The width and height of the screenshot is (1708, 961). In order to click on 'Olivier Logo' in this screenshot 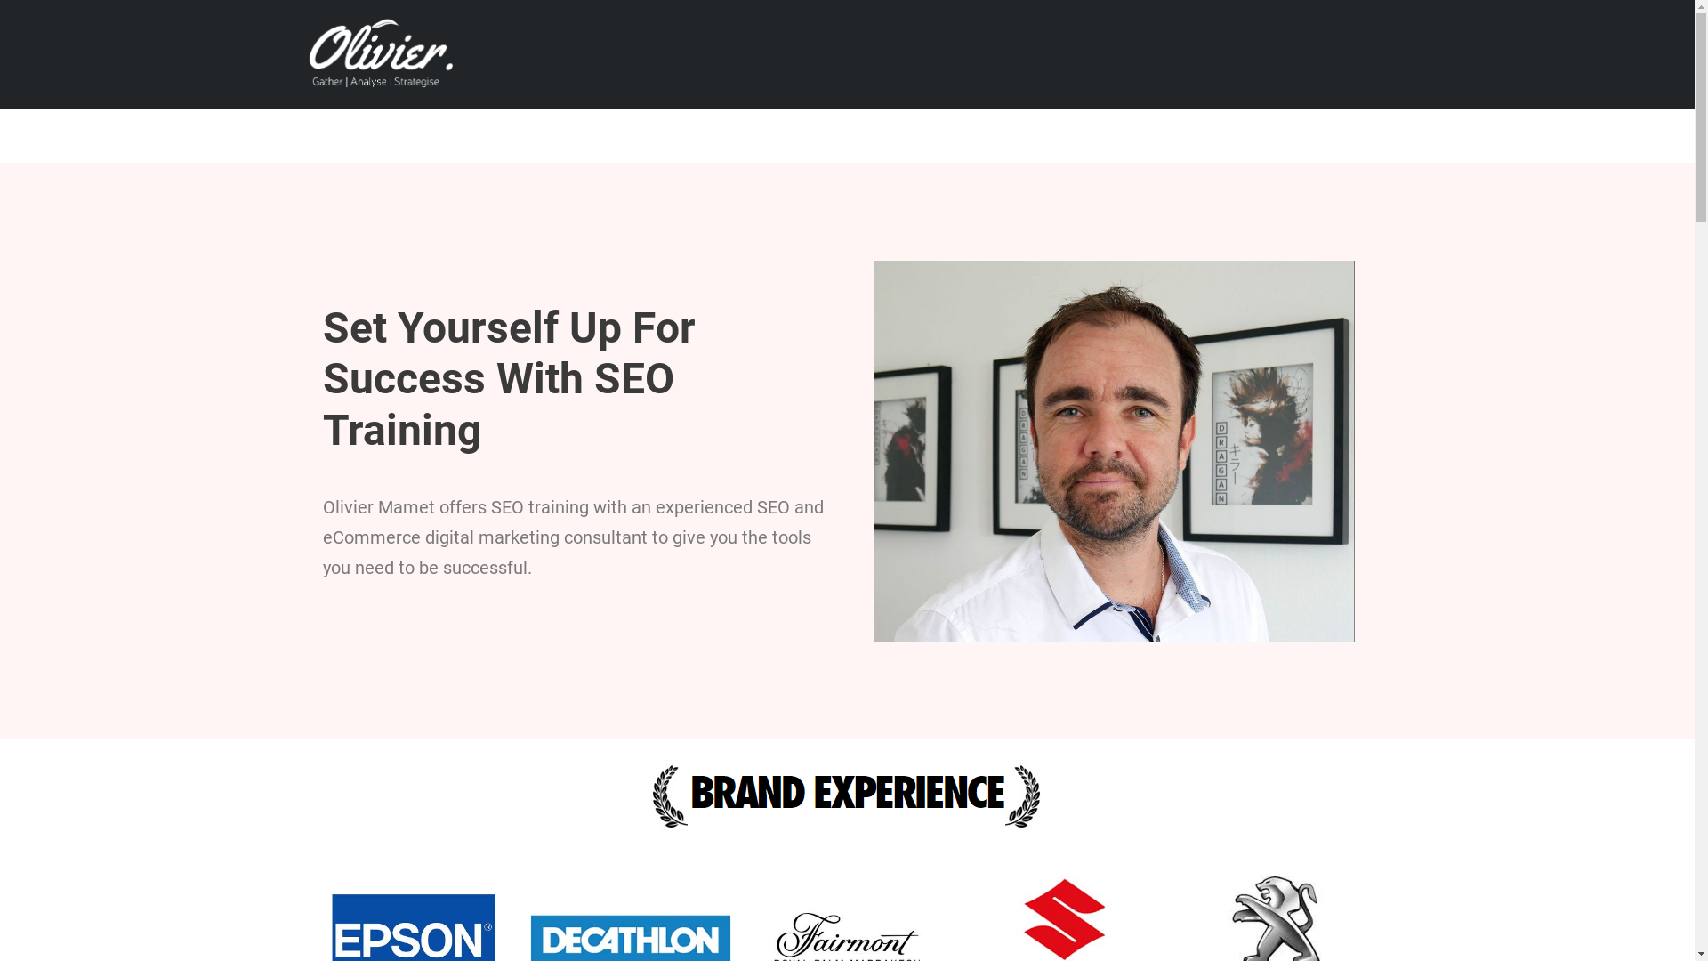, I will do `click(375, 51)`.